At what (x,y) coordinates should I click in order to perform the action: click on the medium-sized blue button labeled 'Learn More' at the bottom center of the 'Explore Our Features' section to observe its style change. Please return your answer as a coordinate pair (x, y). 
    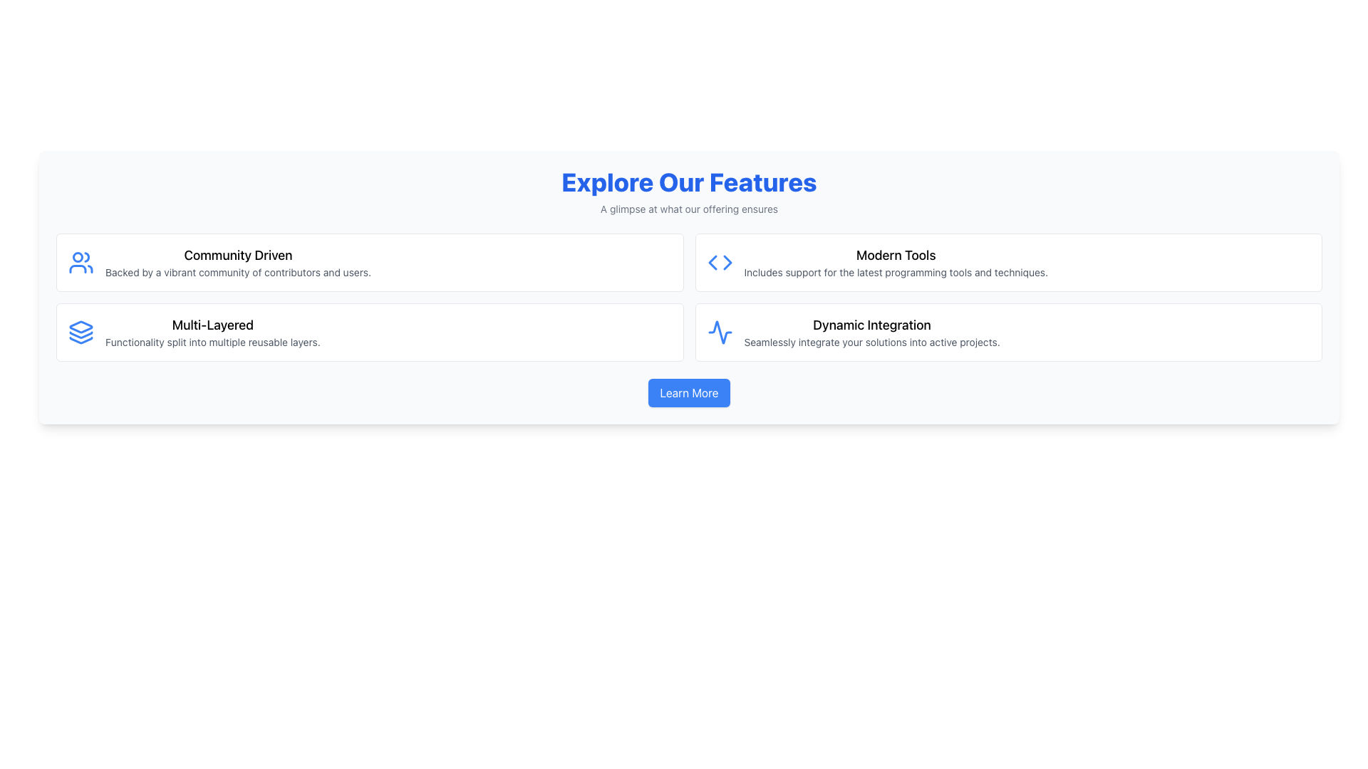
    Looking at the image, I should click on (689, 392).